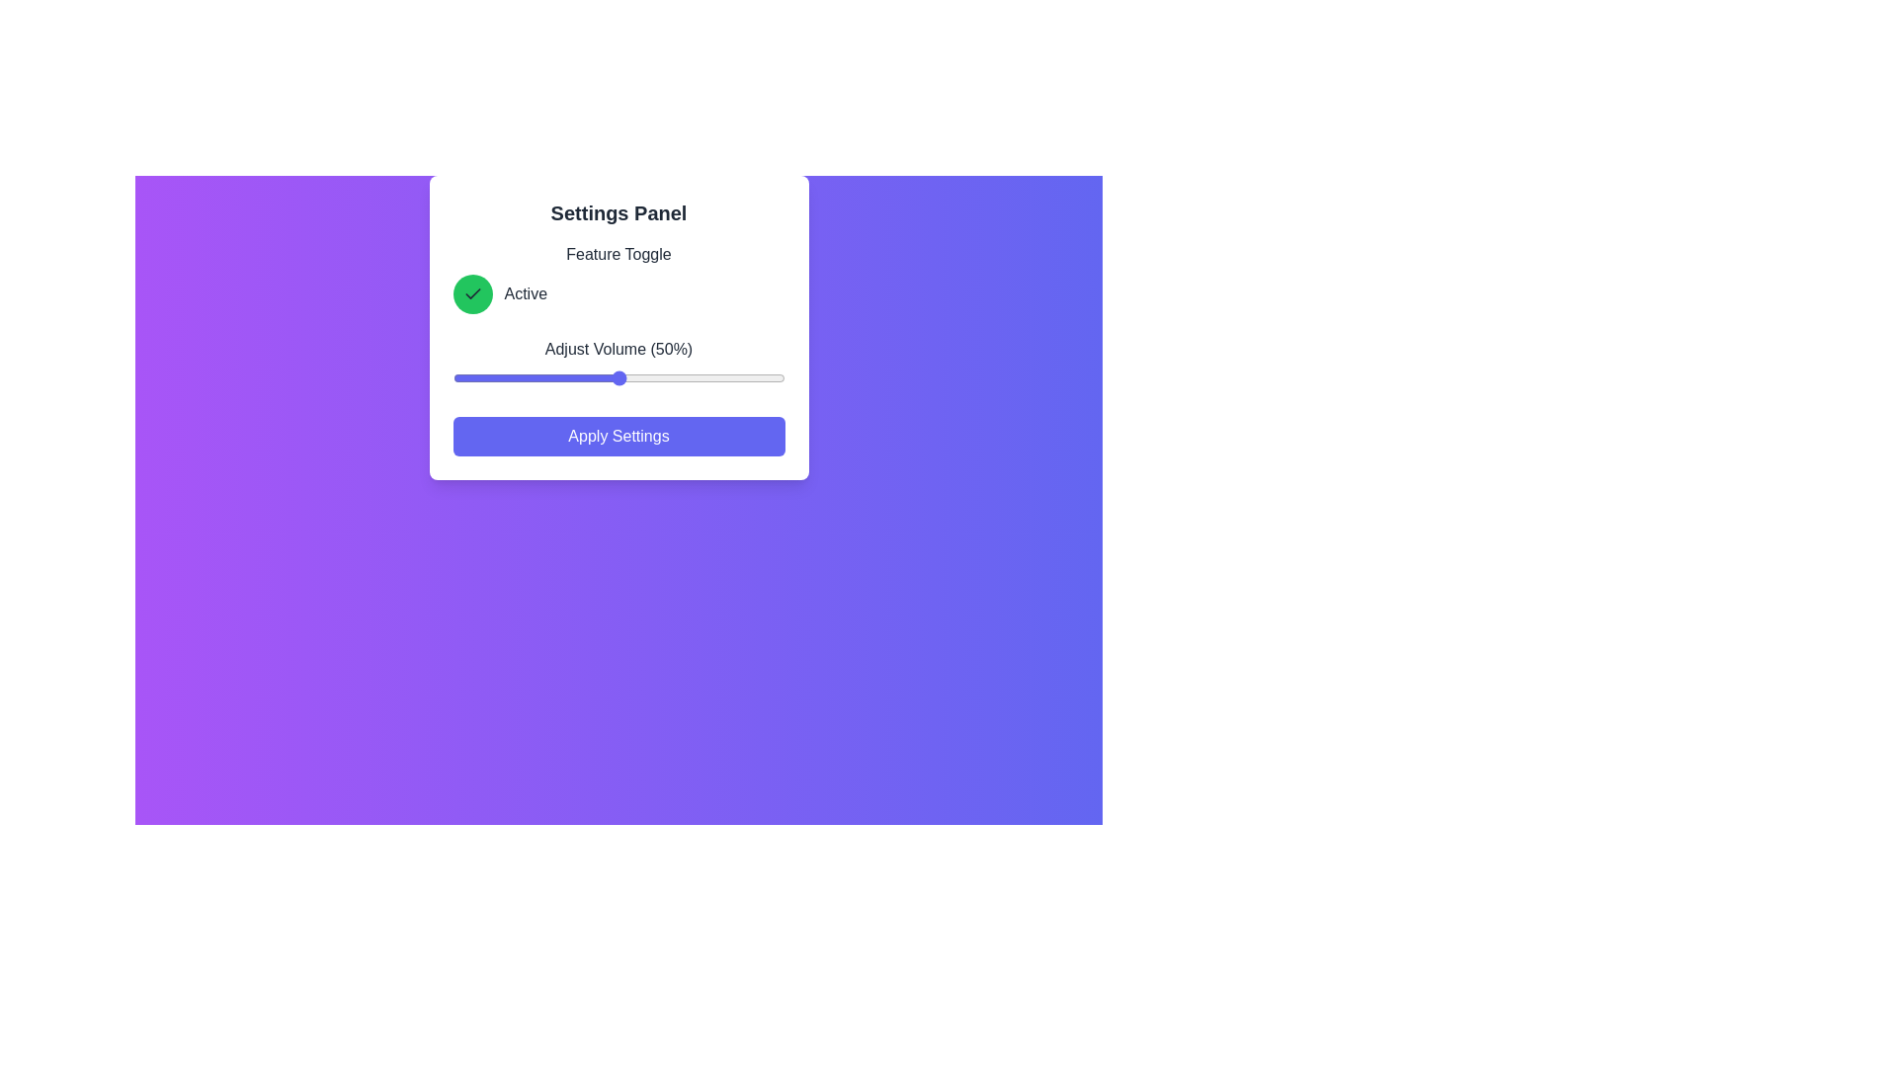  Describe the element at coordinates (618, 349) in the screenshot. I see `the static text element displaying 'Adjust Volume (50%)' located beneath the header 'Active'` at that location.